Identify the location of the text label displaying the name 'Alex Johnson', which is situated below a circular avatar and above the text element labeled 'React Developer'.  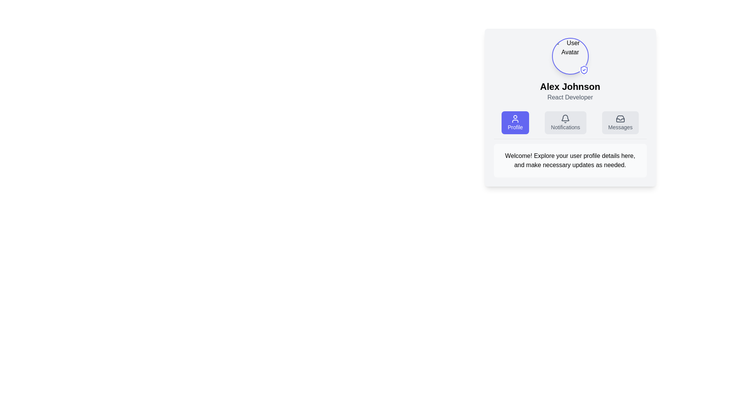
(570, 86).